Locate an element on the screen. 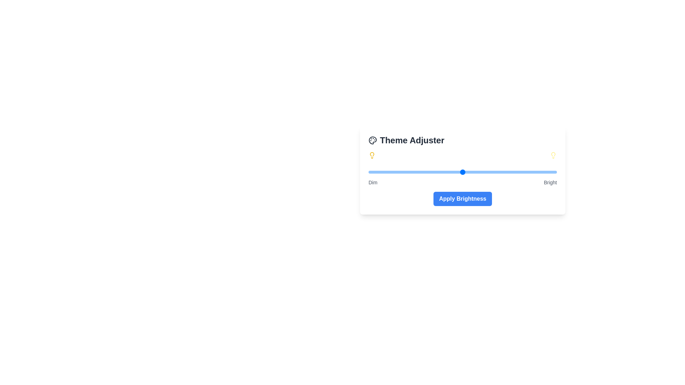  the brightness slider to 11% is located at coordinates (389, 172).